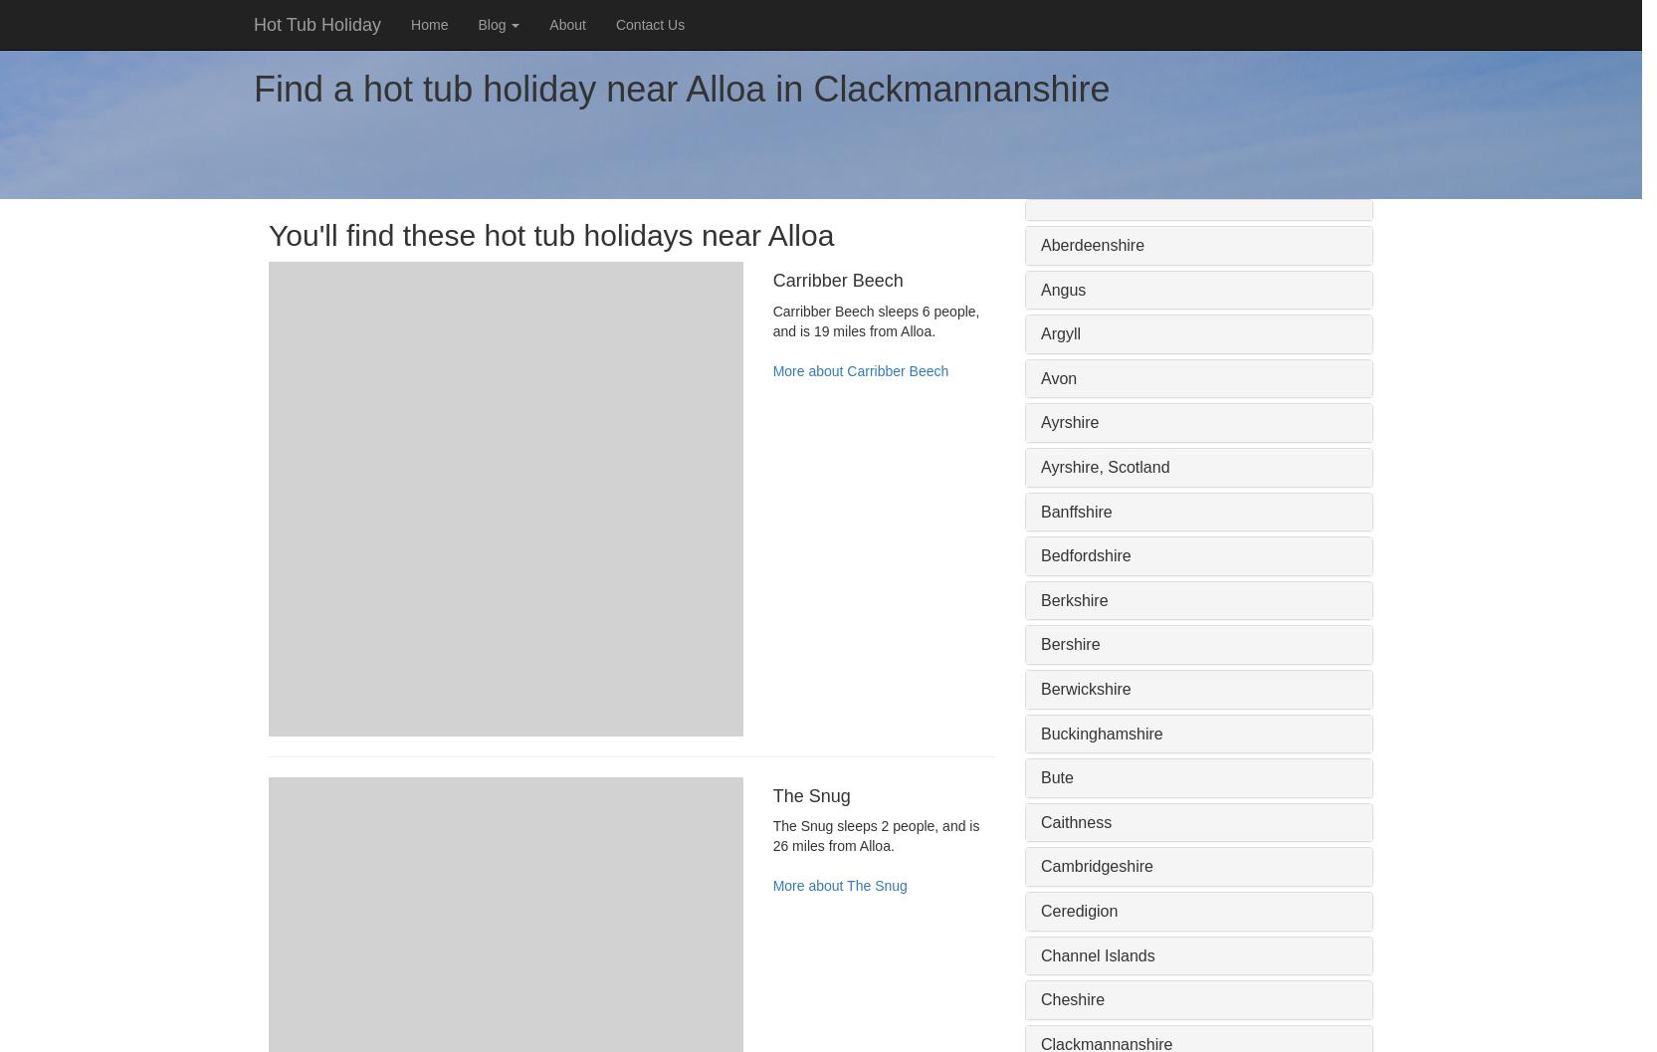 The image size is (1657, 1052). What do you see at coordinates (1086, 554) in the screenshot?
I see `'Bedfordshire'` at bounding box center [1086, 554].